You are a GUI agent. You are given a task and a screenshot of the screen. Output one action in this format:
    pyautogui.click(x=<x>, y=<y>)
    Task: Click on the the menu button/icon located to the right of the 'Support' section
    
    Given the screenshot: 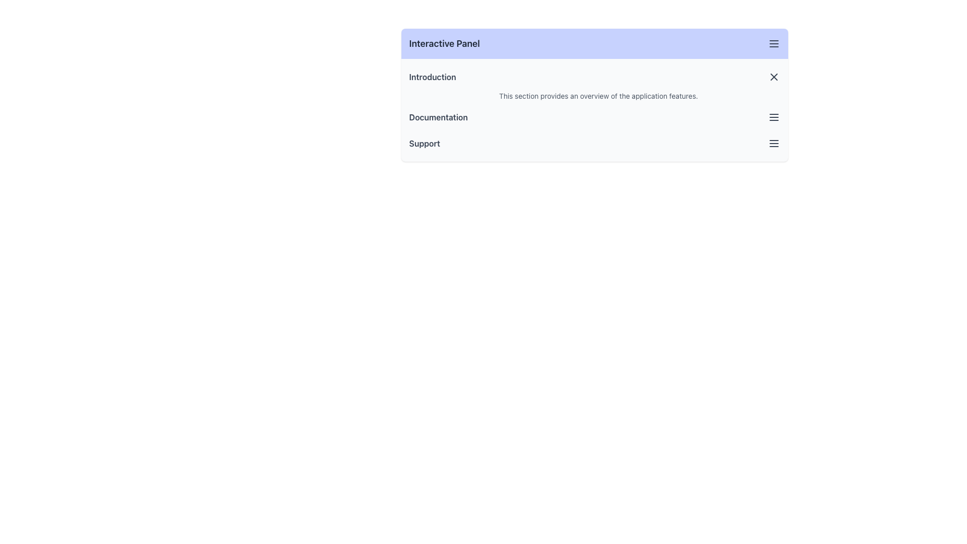 What is the action you would take?
    pyautogui.click(x=773, y=144)
    